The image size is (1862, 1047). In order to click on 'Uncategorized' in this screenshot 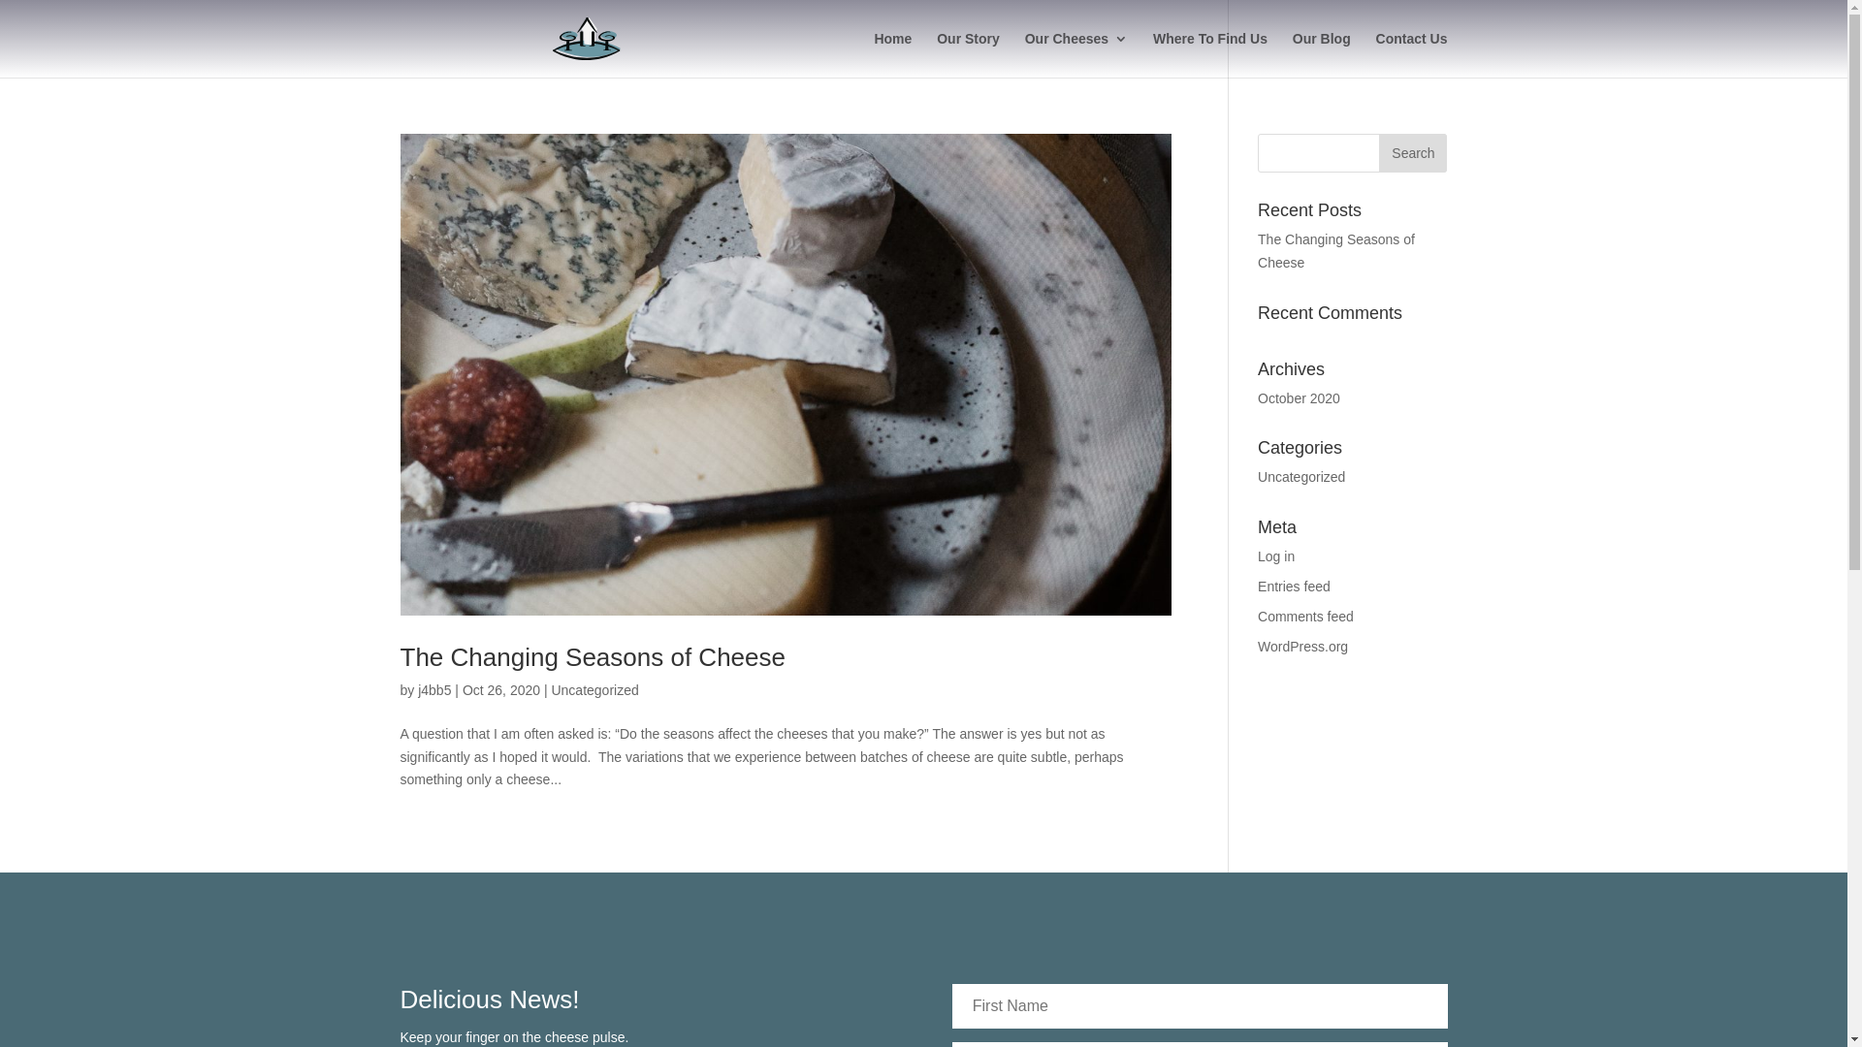, I will do `click(594, 689)`.